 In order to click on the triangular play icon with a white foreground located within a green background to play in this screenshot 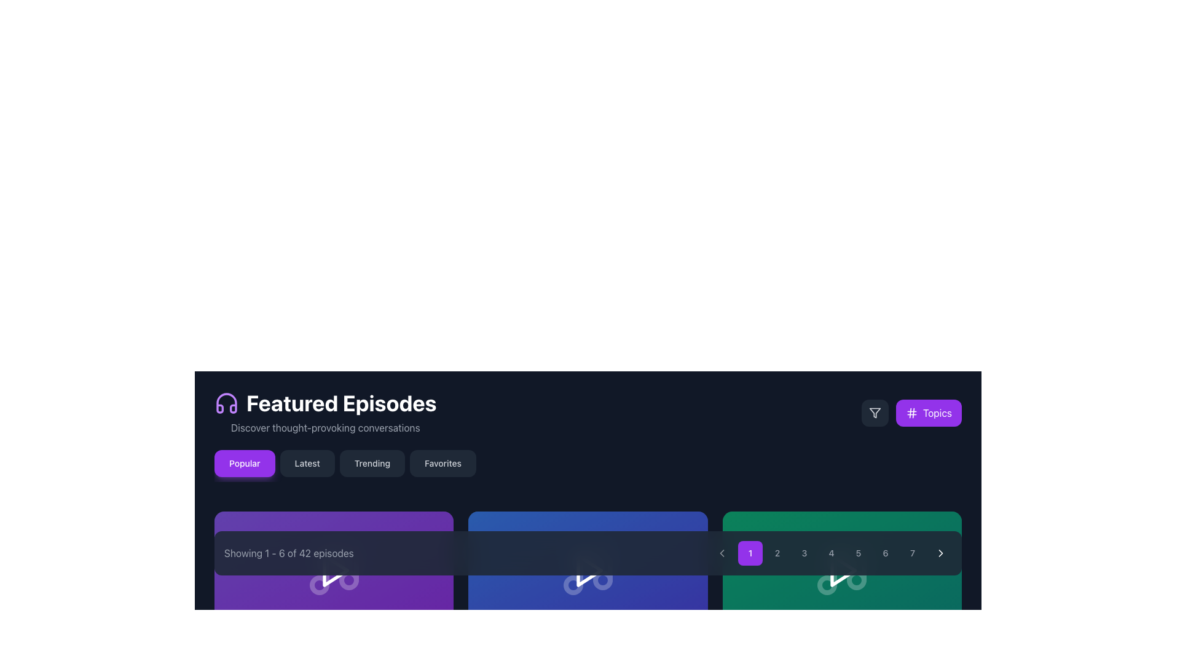, I will do `click(841, 571)`.